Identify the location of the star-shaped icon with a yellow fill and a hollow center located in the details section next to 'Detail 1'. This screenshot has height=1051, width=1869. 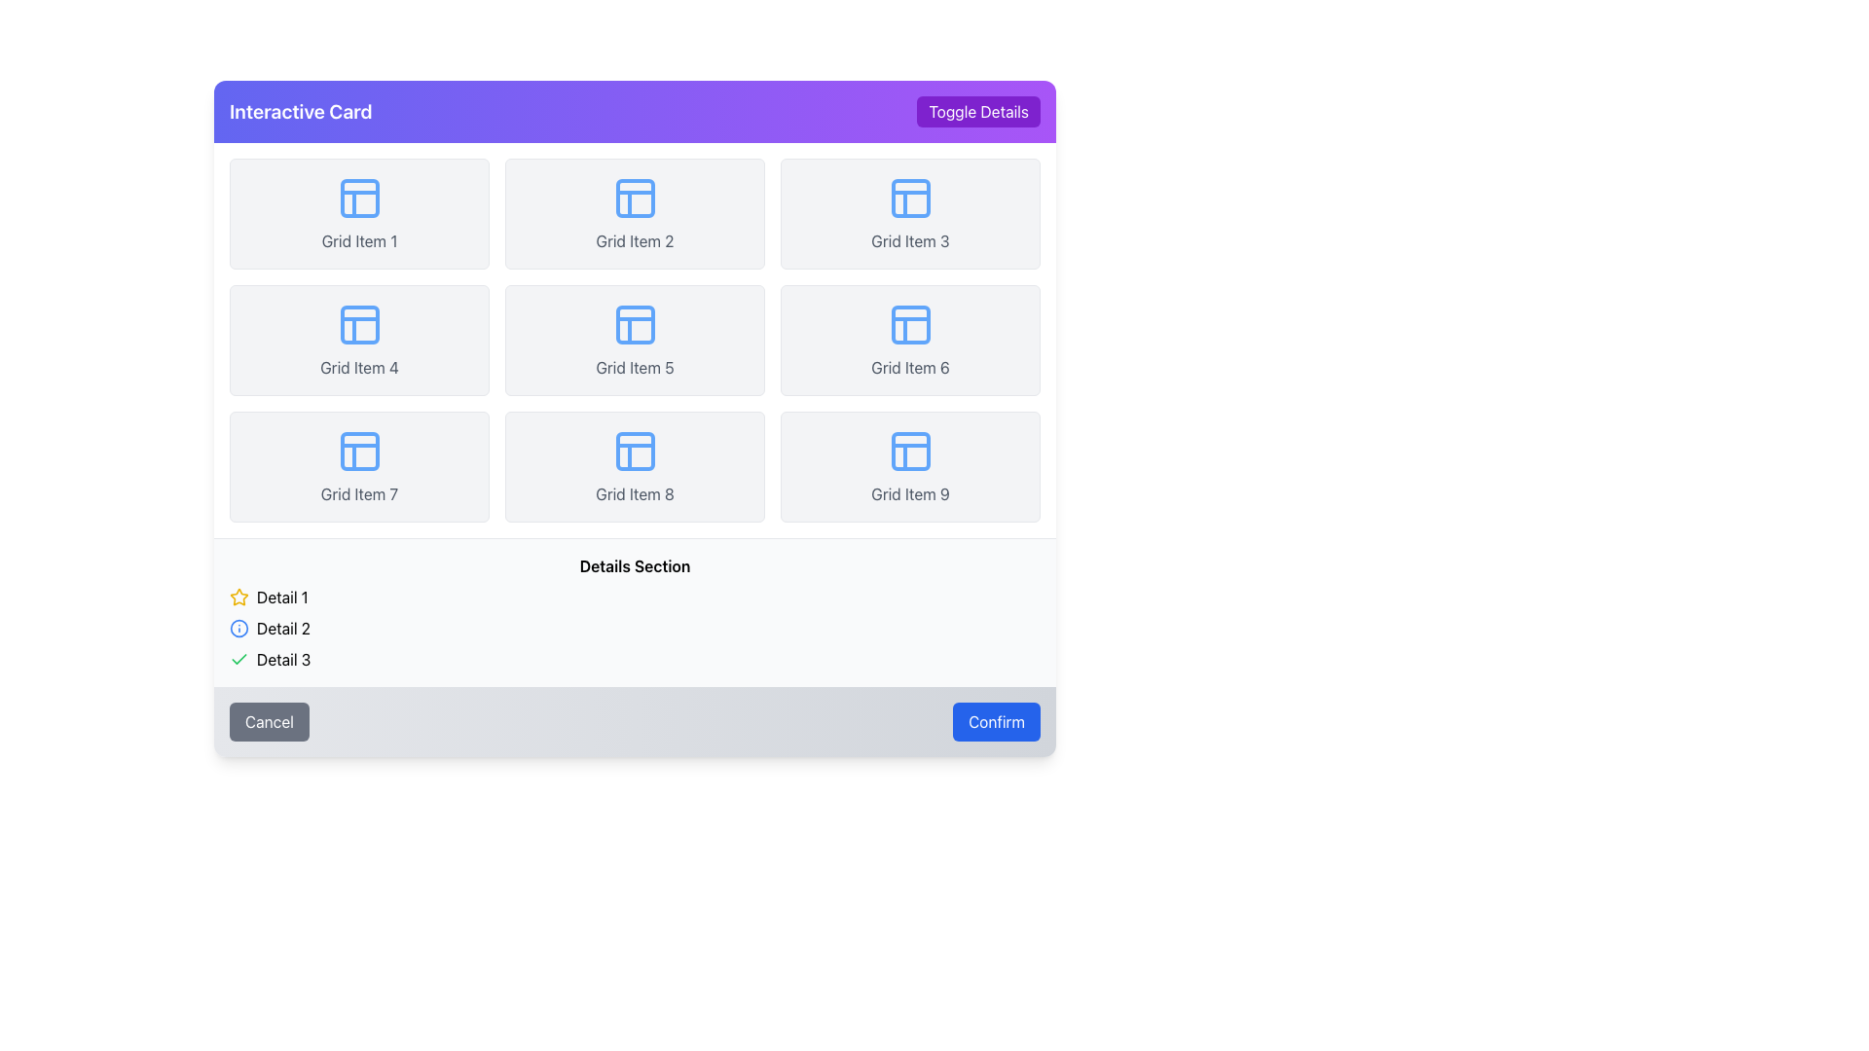
(238, 596).